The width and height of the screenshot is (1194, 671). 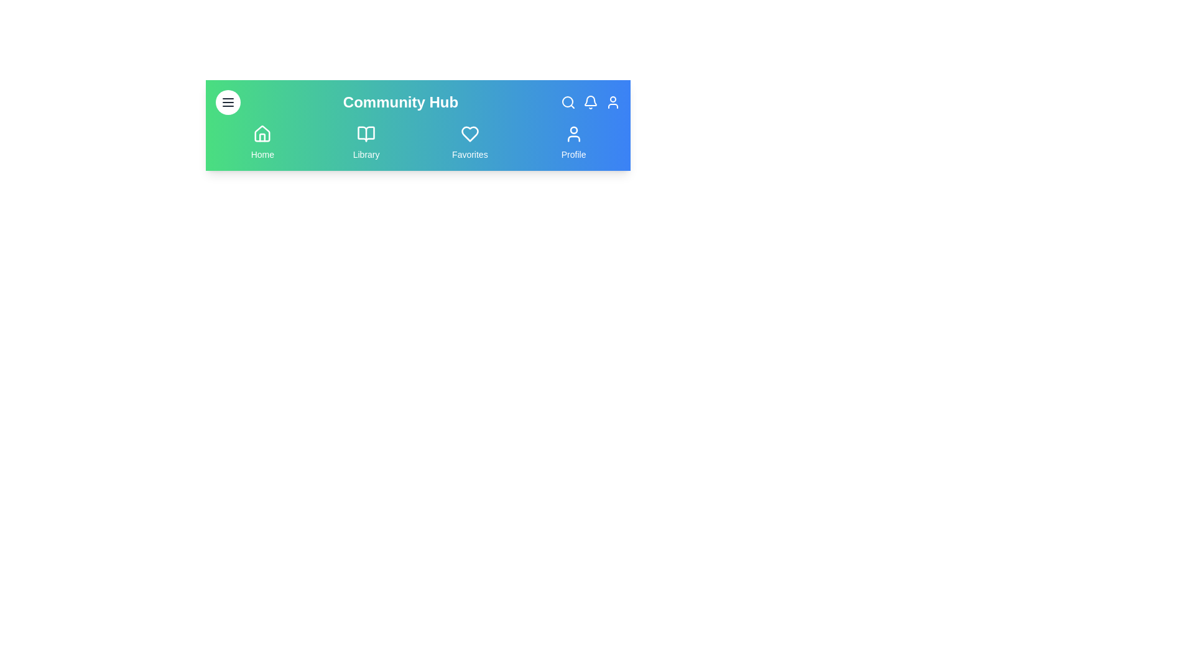 I want to click on the Profile icon in the top right of the navigation bar, so click(x=613, y=102).